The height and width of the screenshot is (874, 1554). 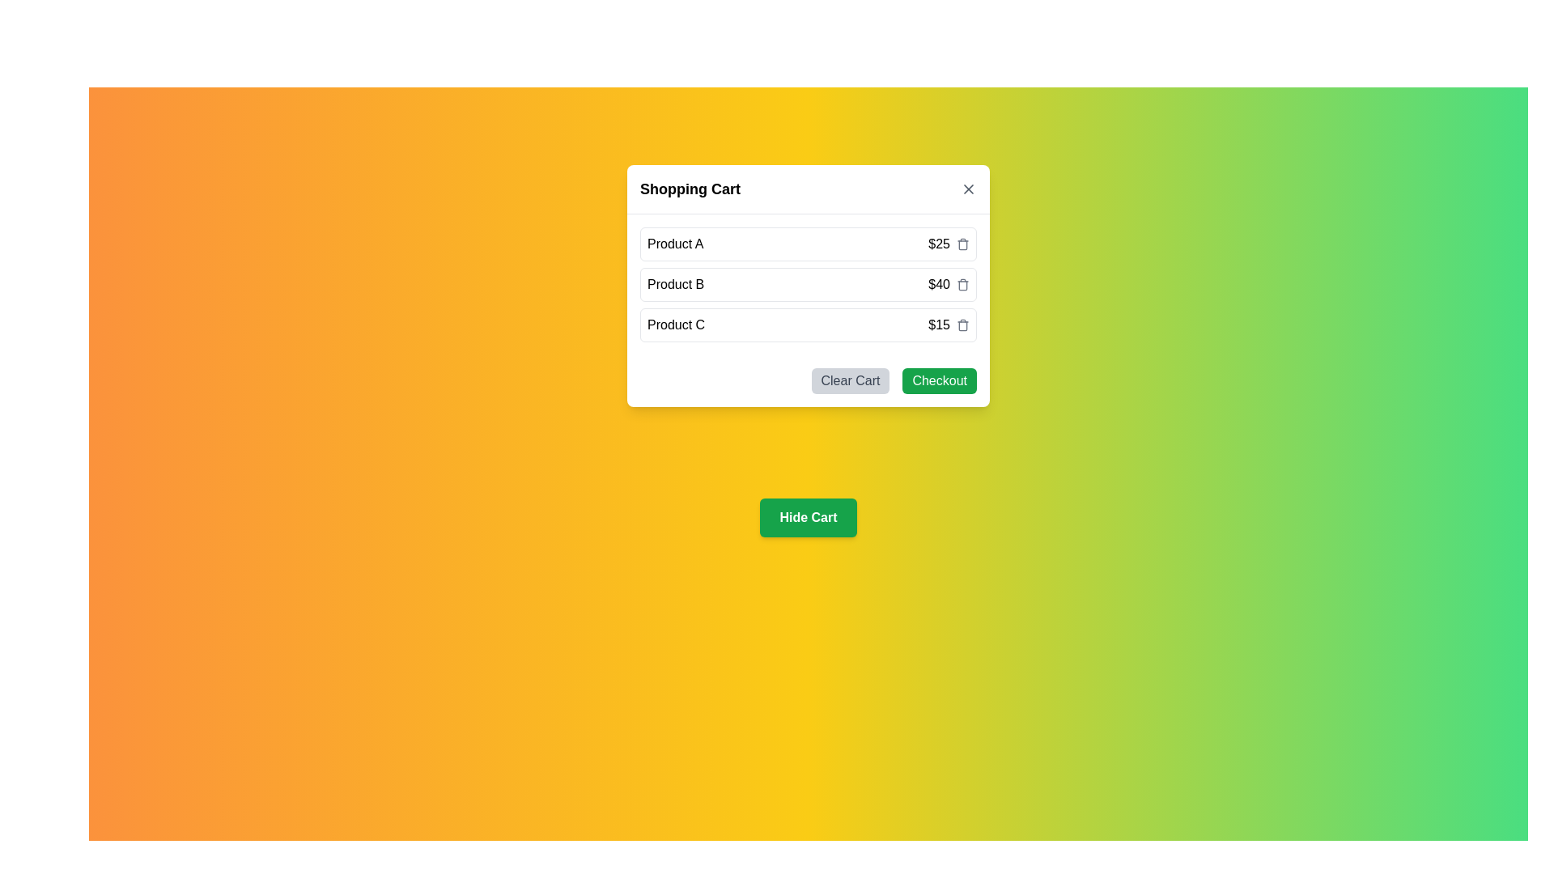 What do you see at coordinates (968, 189) in the screenshot?
I see `the Close button icon located in the upper-right corner of the 'Shopping Cart' panel` at bounding box center [968, 189].